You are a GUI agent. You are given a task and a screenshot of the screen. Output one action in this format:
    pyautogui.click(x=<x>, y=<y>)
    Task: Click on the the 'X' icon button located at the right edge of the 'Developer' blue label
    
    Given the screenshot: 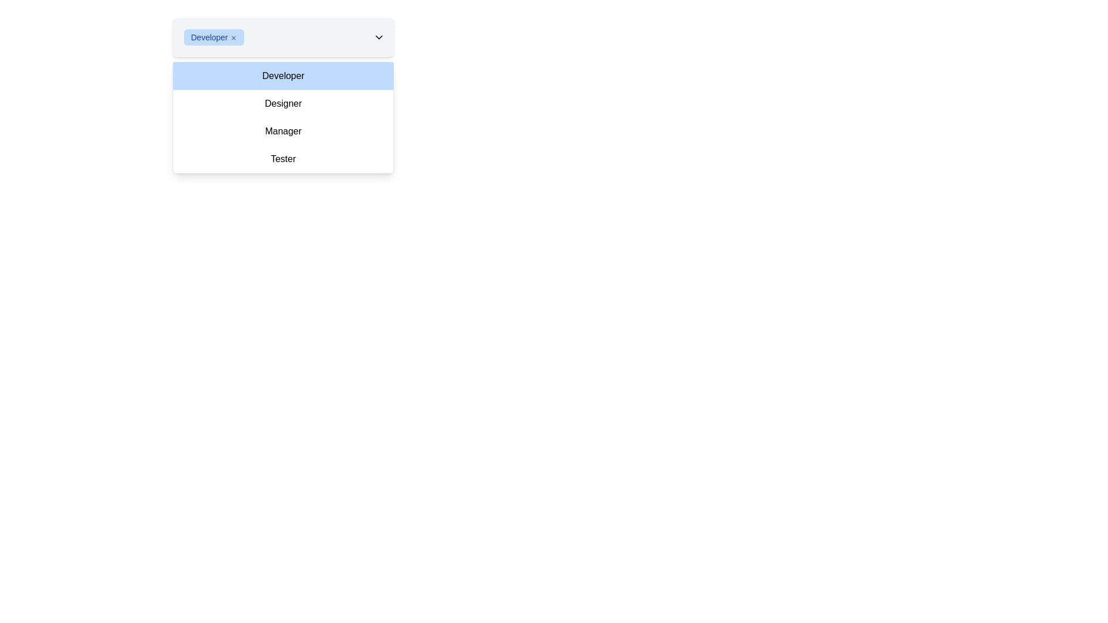 What is the action you would take?
    pyautogui.click(x=233, y=37)
    